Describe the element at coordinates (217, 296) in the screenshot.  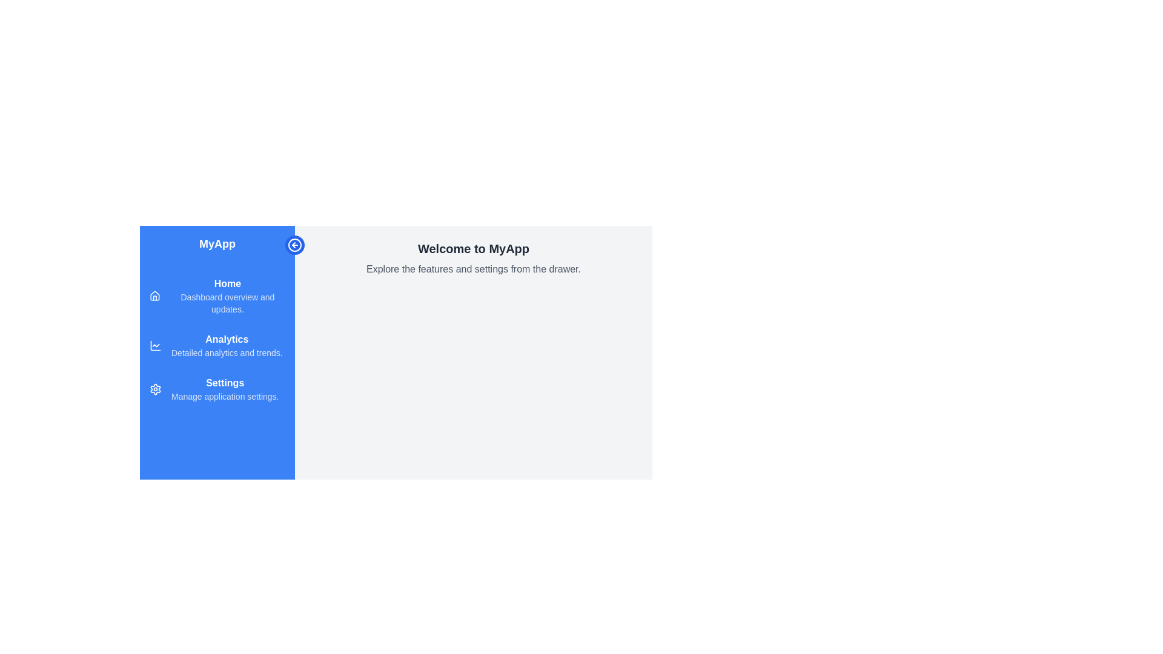
I see `the menu item Home to navigate to the corresponding section` at that location.